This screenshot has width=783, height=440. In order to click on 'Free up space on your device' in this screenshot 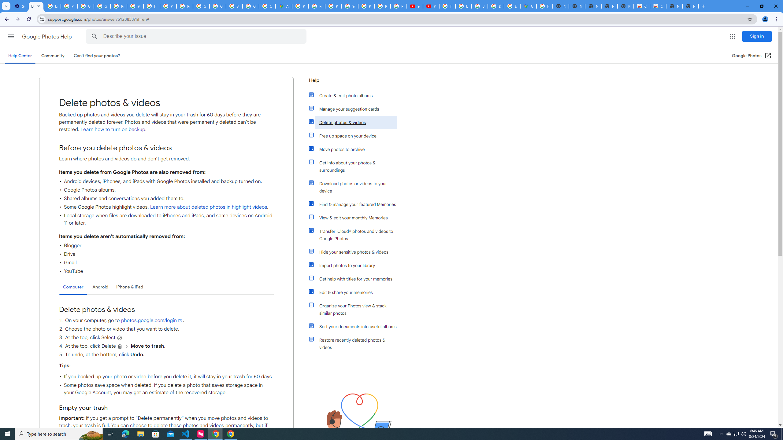, I will do `click(355, 136)`.